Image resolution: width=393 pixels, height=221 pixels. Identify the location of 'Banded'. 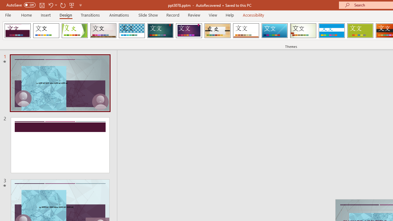
(331, 31).